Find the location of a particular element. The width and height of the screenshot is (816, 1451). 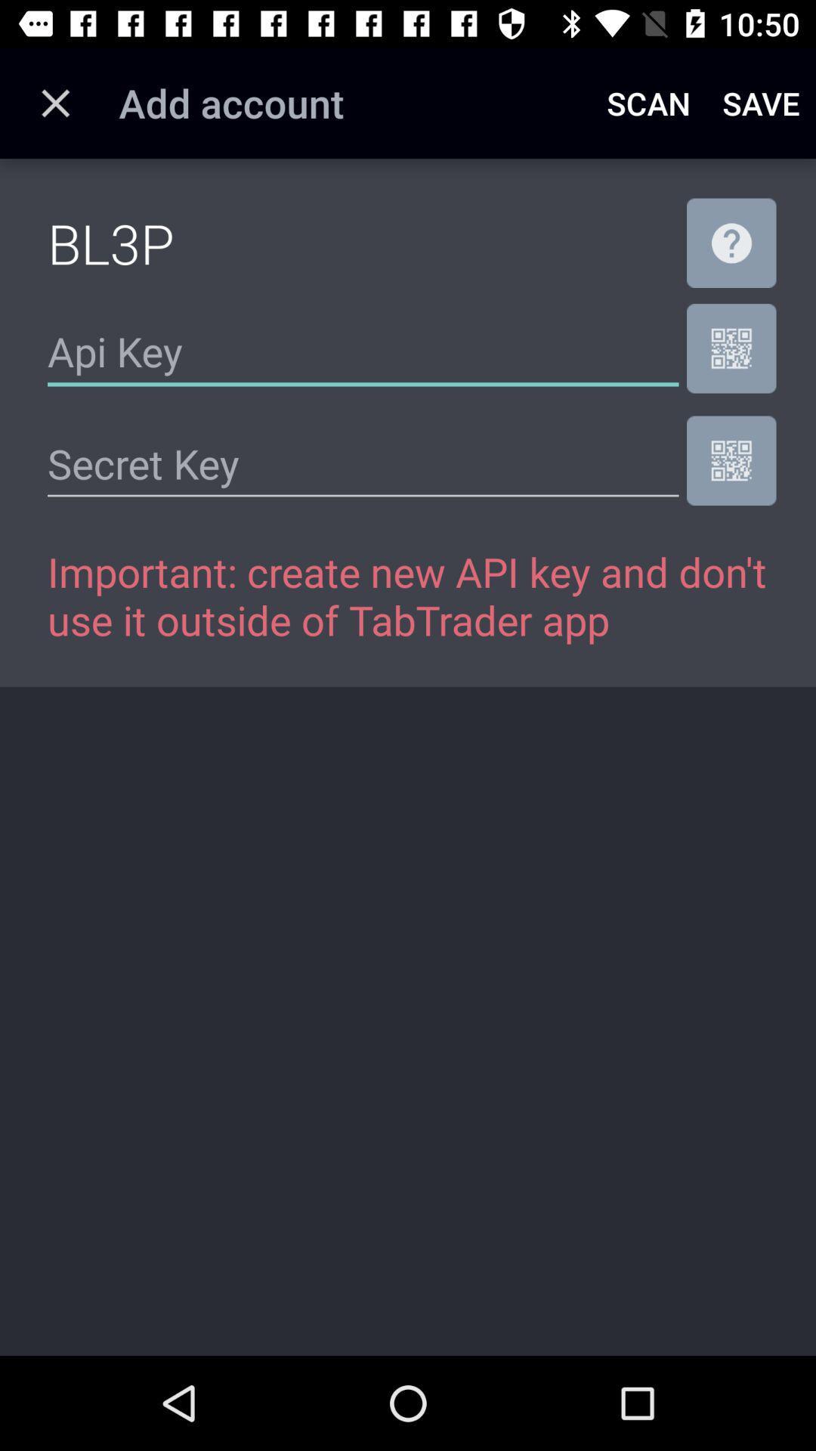

the icon above important create new is located at coordinates (363, 463).